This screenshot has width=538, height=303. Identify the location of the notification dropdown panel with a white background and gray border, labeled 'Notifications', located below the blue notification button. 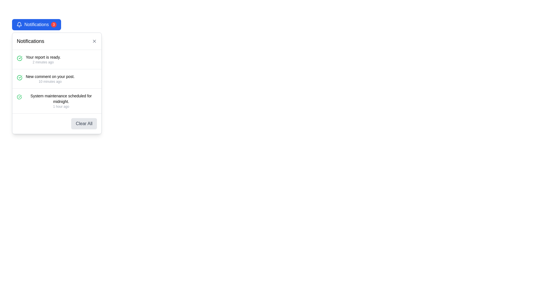
(57, 83).